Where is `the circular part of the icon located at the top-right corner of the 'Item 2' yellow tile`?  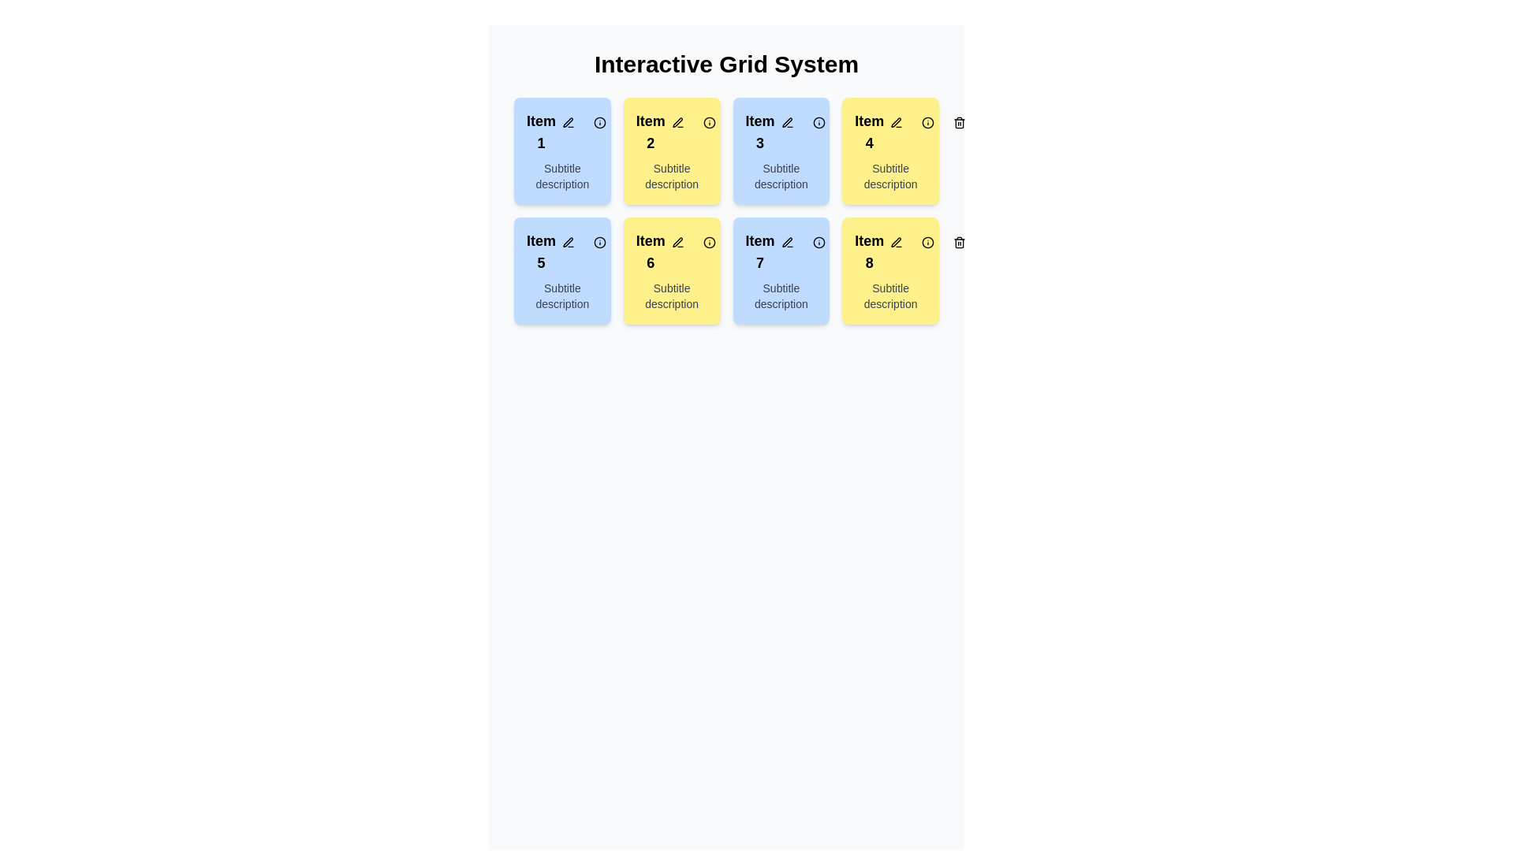 the circular part of the icon located at the top-right corner of the 'Item 2' yellow tile is located at coordinates (708, 121).